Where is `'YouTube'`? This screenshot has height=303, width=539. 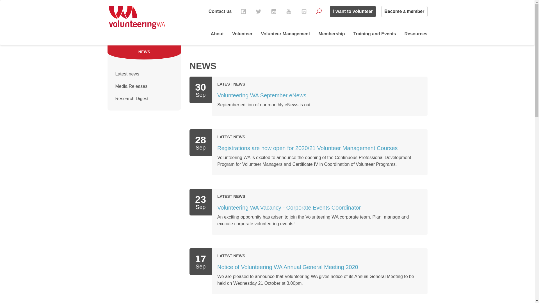 'YouTube' is located at coordinates (289, 12).